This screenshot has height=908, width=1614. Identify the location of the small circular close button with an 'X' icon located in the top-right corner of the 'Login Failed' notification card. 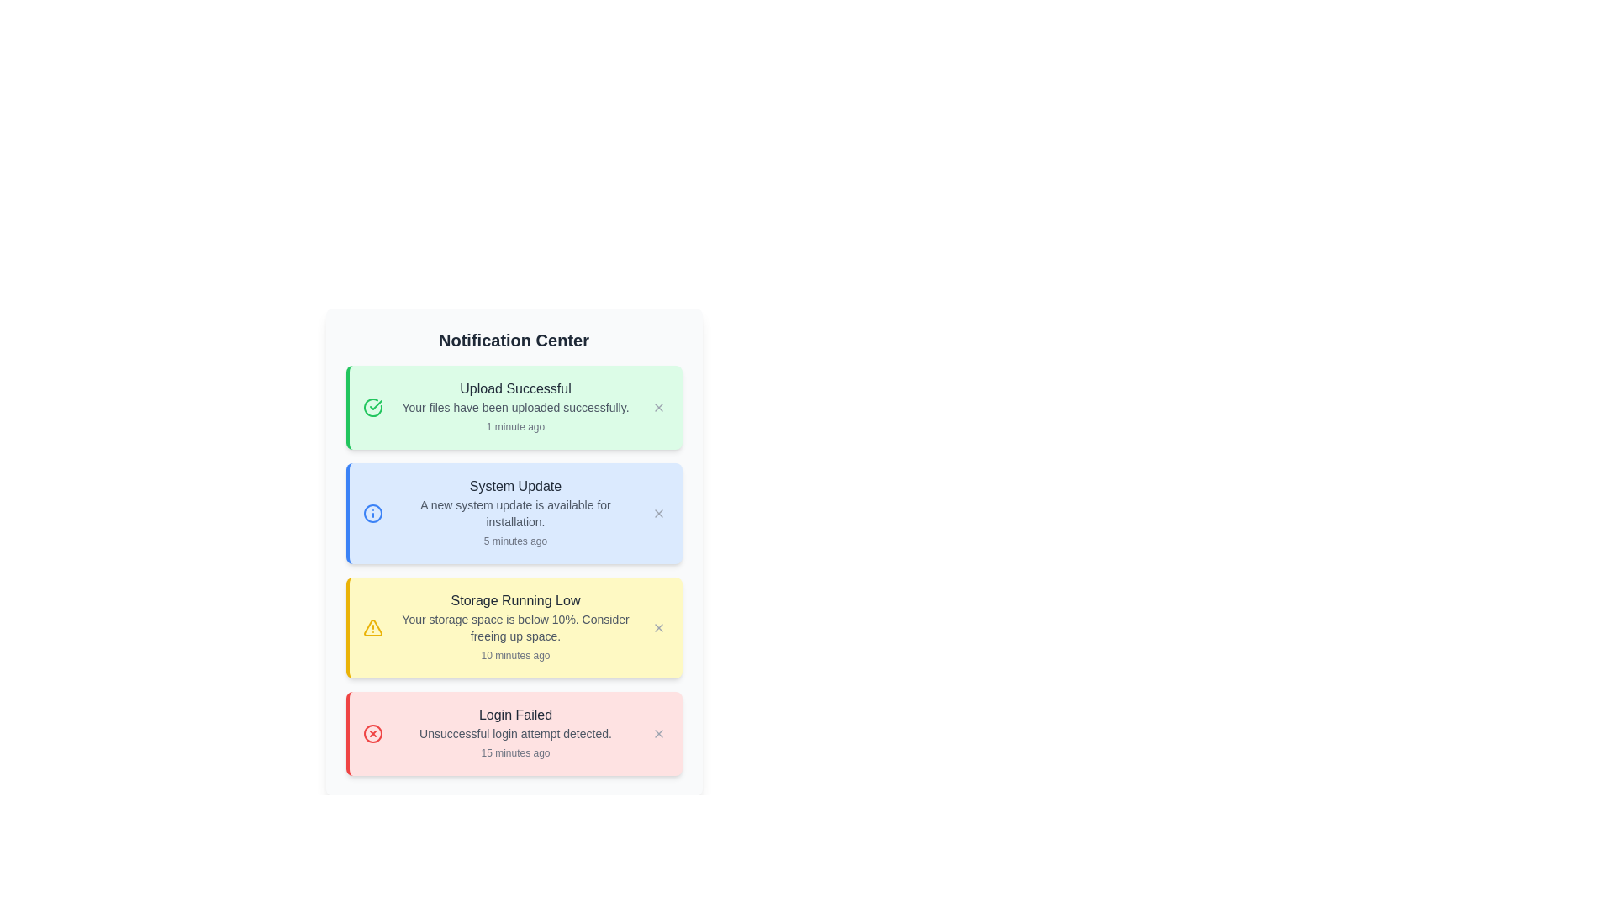
(657, 732).